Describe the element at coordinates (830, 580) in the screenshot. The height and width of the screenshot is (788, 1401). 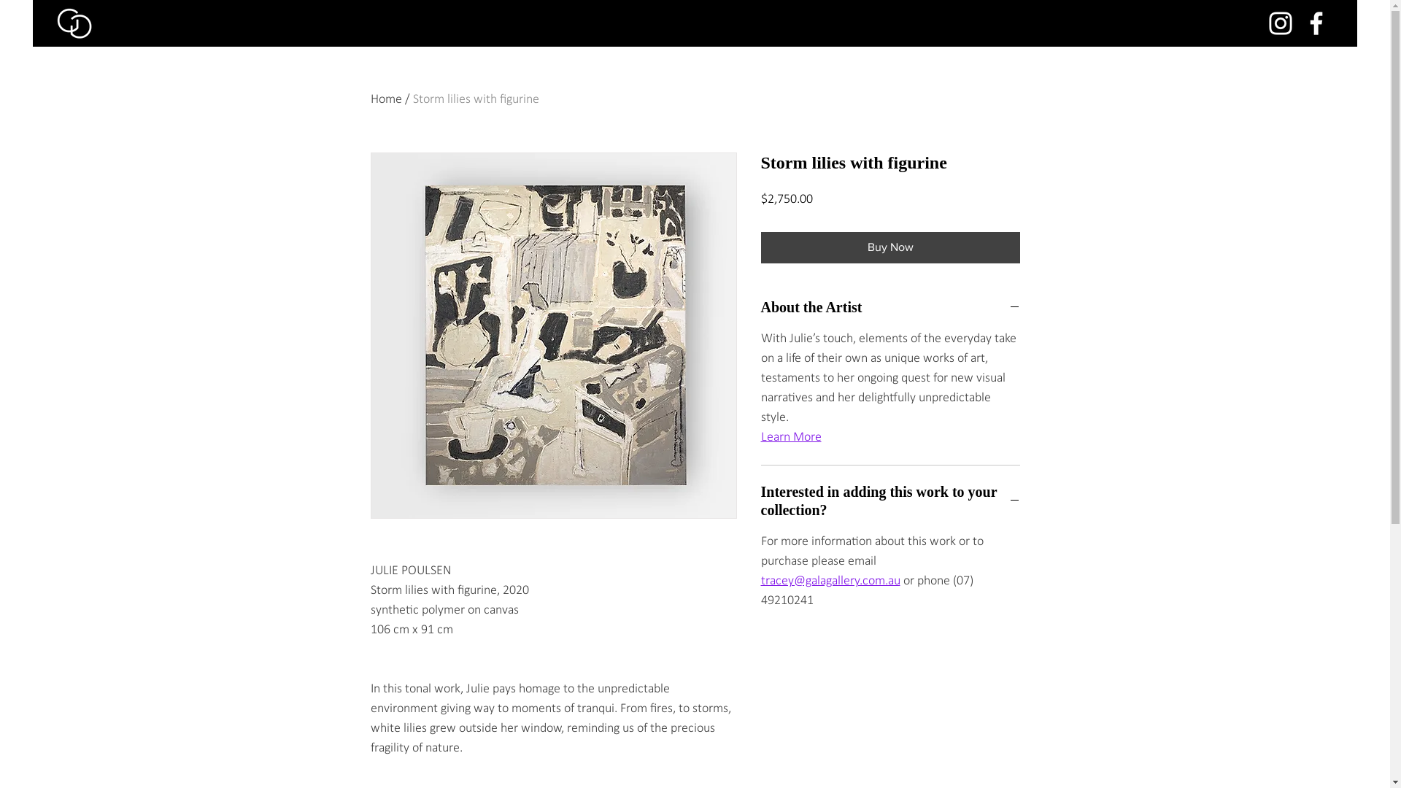
I see `'tracey@galagallery.com.au'` at that location.